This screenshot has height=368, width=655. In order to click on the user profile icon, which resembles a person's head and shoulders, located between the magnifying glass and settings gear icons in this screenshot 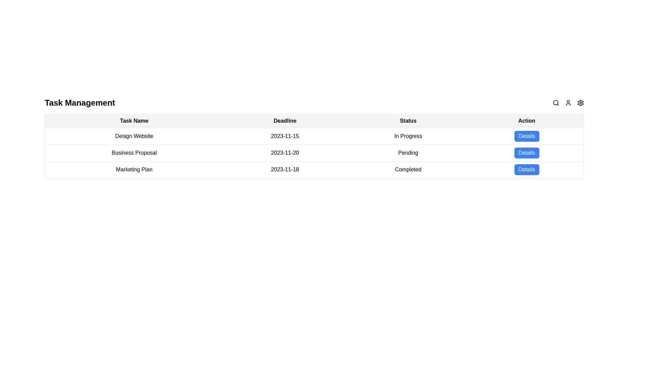, I will do `click(568, 103)`.